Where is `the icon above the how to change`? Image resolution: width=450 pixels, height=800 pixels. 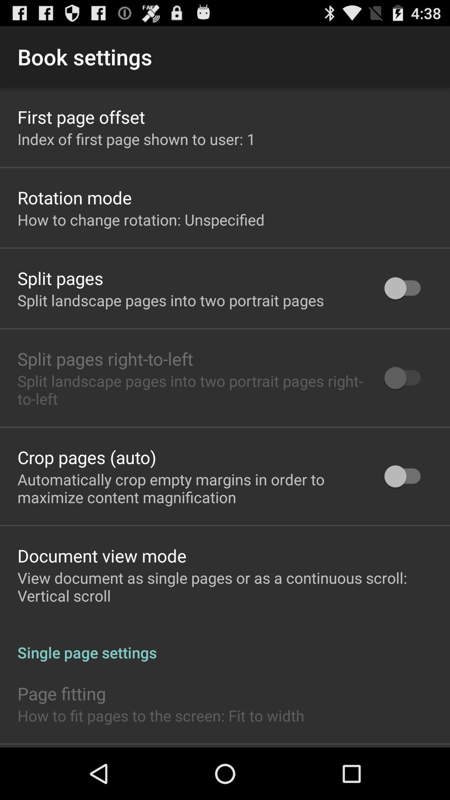 the icon above the how to change is located at coordinates (74, 197).